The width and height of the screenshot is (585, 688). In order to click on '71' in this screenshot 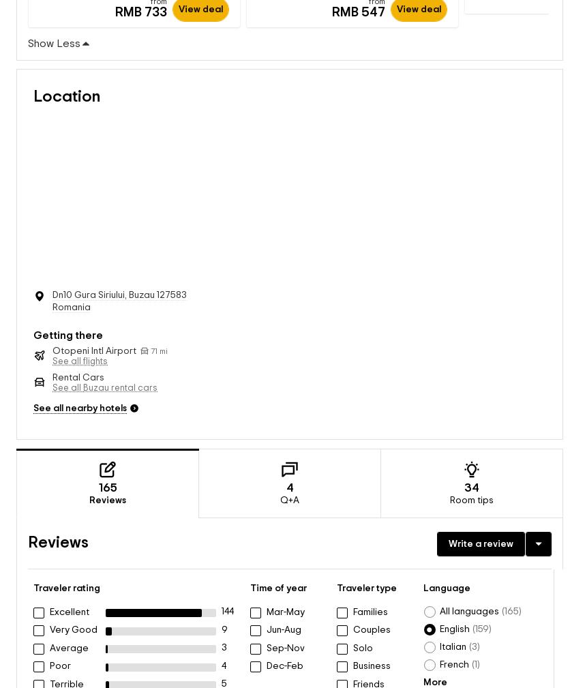, I will do `click(153, 337)`.